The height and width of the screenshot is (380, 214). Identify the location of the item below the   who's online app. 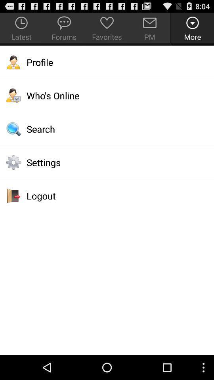
(107, 129).